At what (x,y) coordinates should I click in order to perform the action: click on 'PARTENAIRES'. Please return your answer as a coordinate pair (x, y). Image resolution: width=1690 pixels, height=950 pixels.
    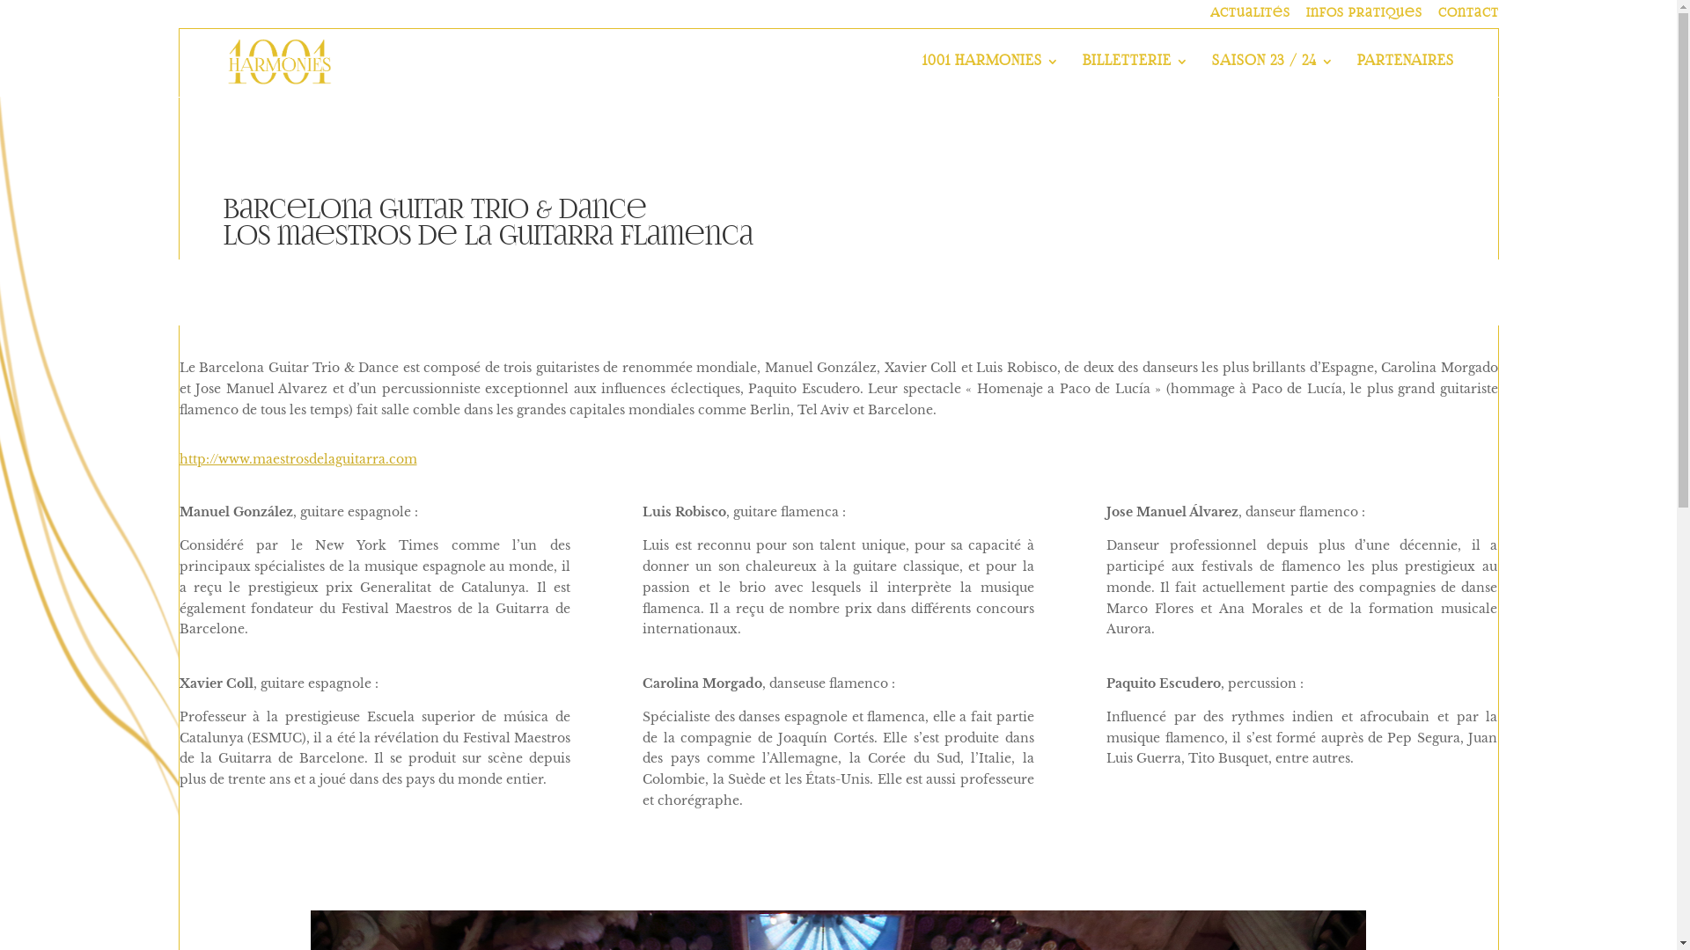
    Looking at the image, I should click on (1356, 75).